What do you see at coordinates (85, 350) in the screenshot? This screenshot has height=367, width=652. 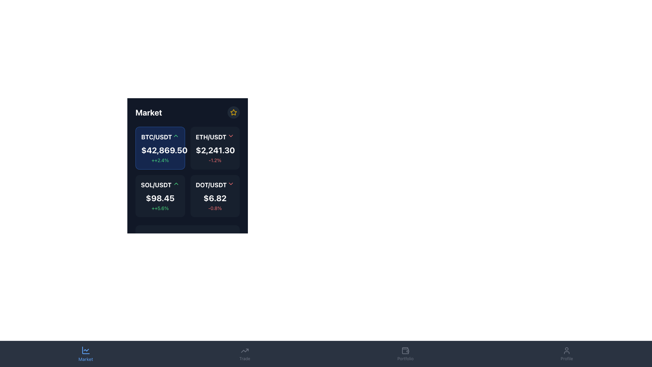 I see `the leftmost icon button representing a chart or graph in the bottom navigation bar` at bounding box center [85, 350].